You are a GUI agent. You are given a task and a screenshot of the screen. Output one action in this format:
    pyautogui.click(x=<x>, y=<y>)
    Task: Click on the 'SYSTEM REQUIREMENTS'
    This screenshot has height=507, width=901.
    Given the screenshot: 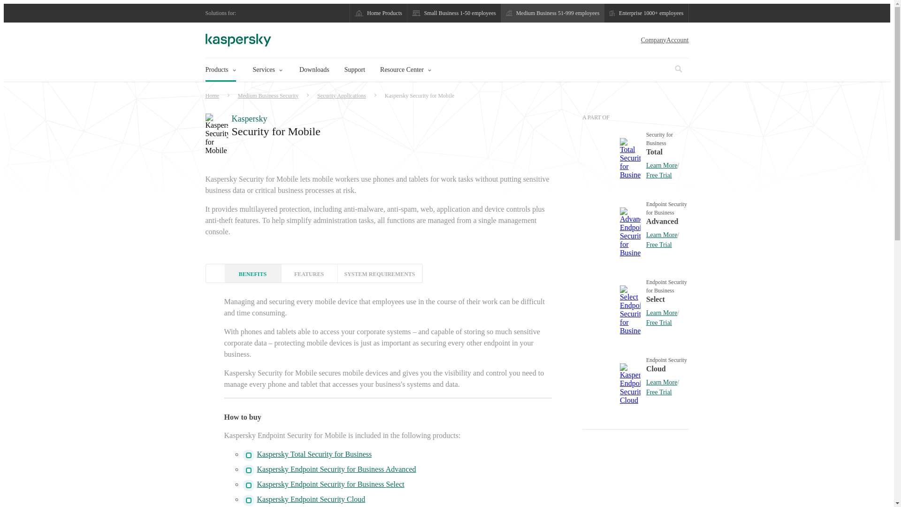 What is the action you would take?
    pyautogui.click(x=379, y=273)
    